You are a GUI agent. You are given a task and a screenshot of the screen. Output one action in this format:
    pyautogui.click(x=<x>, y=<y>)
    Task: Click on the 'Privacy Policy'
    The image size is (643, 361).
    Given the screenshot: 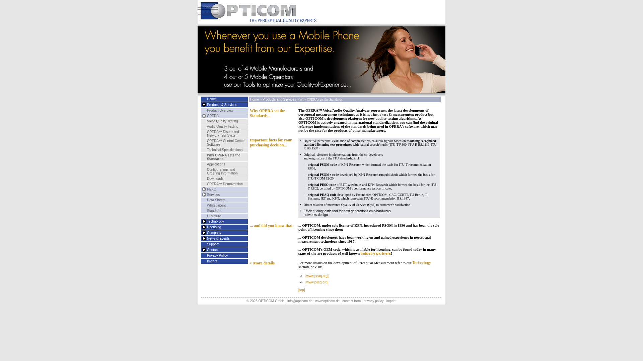 What is the action you would take?
    pyautogui.click(x=217, y=255)
    